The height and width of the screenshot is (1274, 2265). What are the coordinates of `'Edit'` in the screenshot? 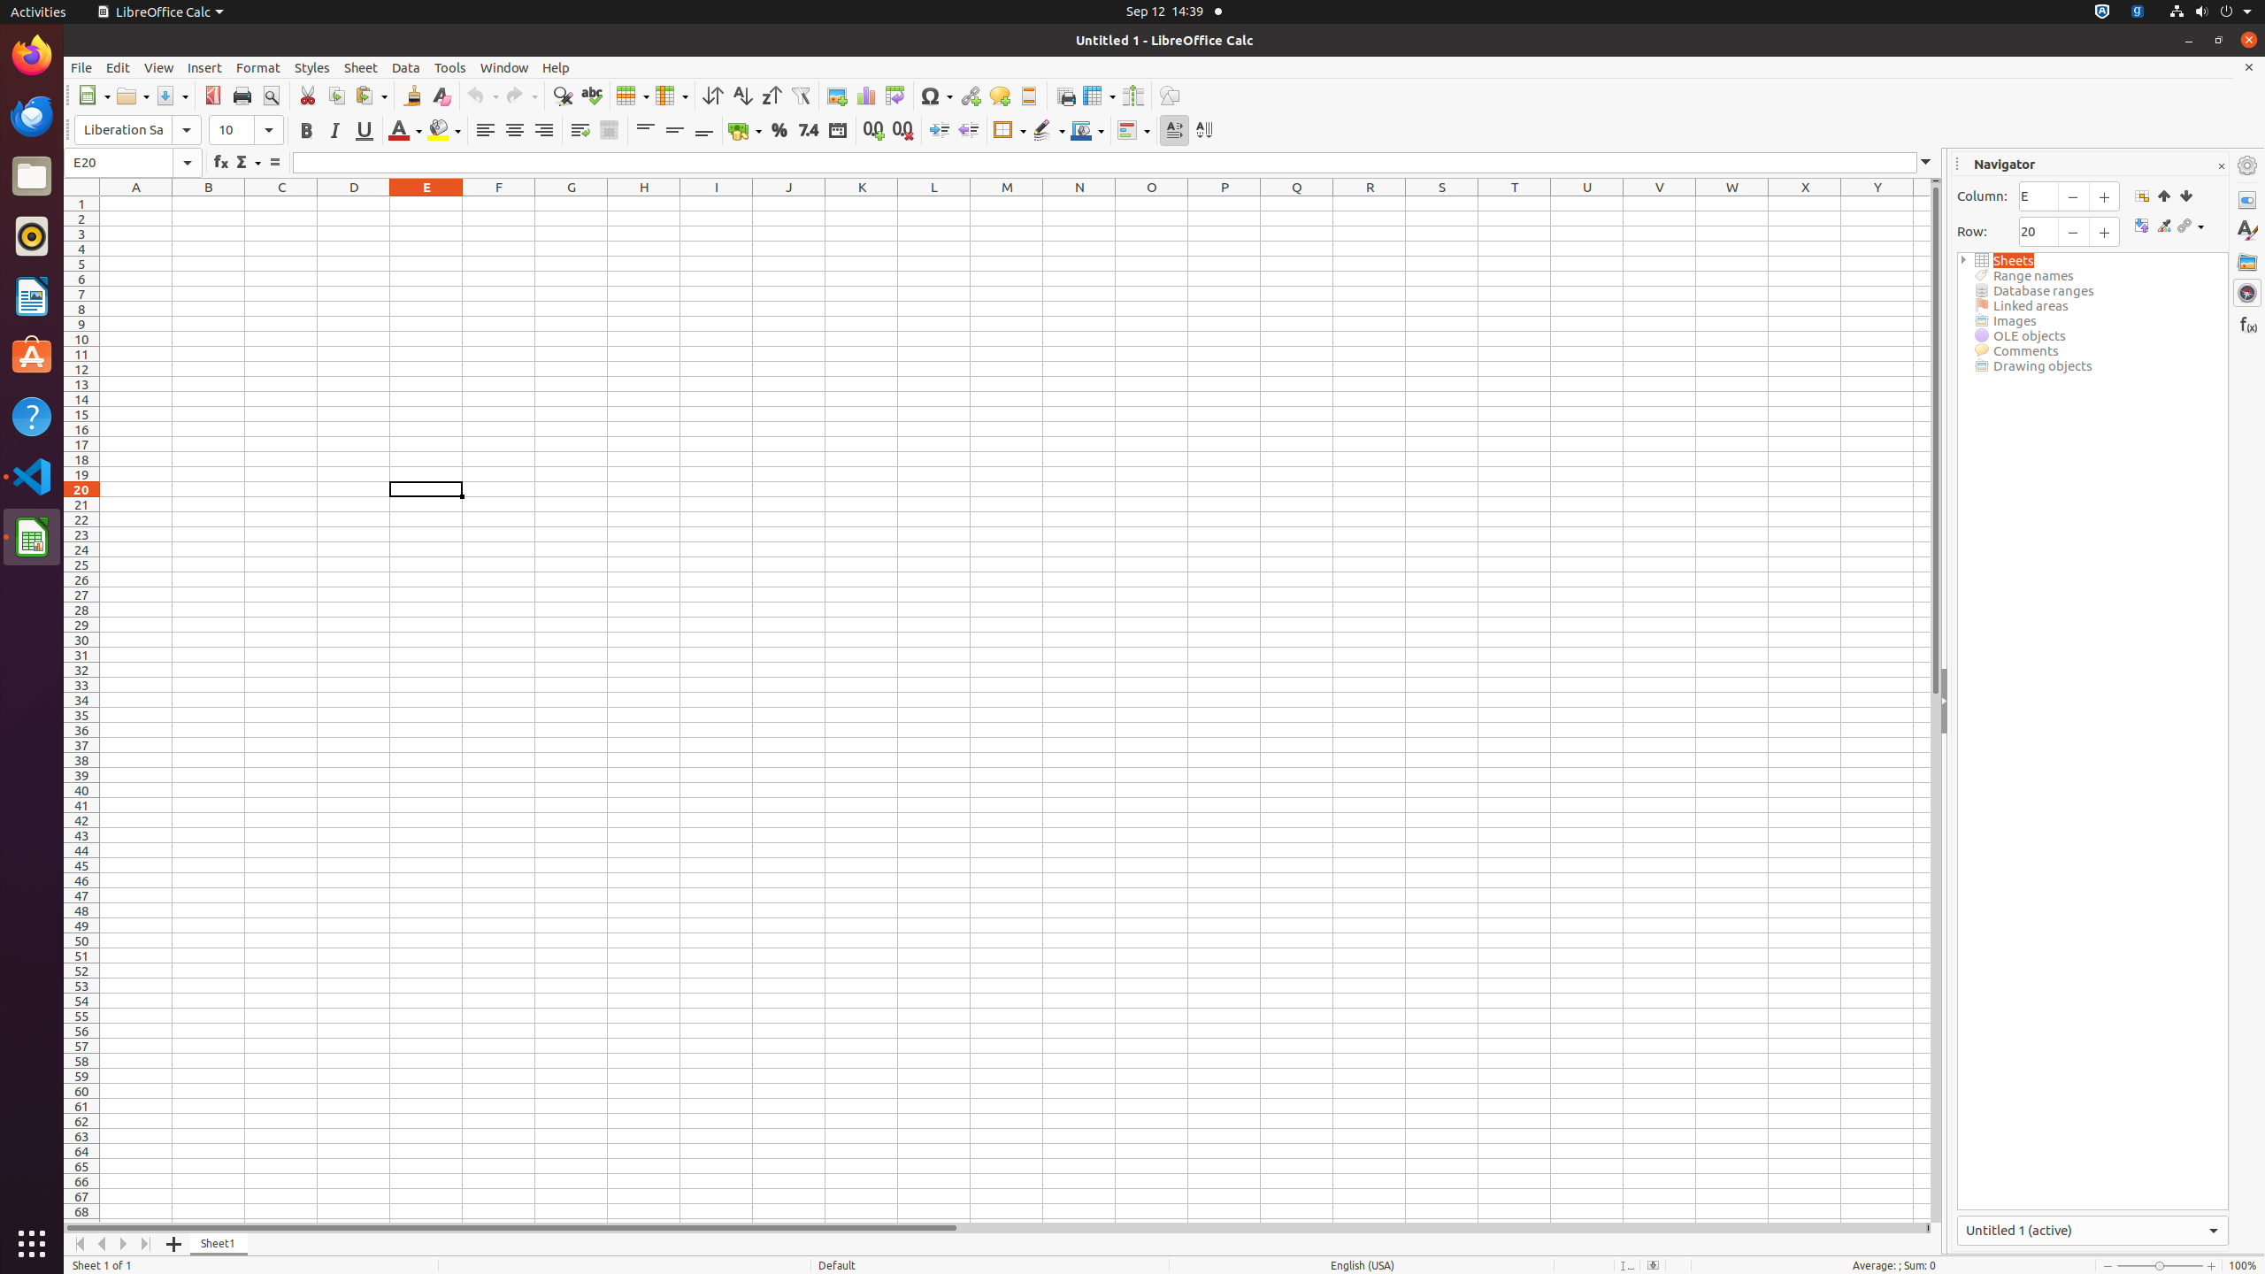 It's located at (118, 67).